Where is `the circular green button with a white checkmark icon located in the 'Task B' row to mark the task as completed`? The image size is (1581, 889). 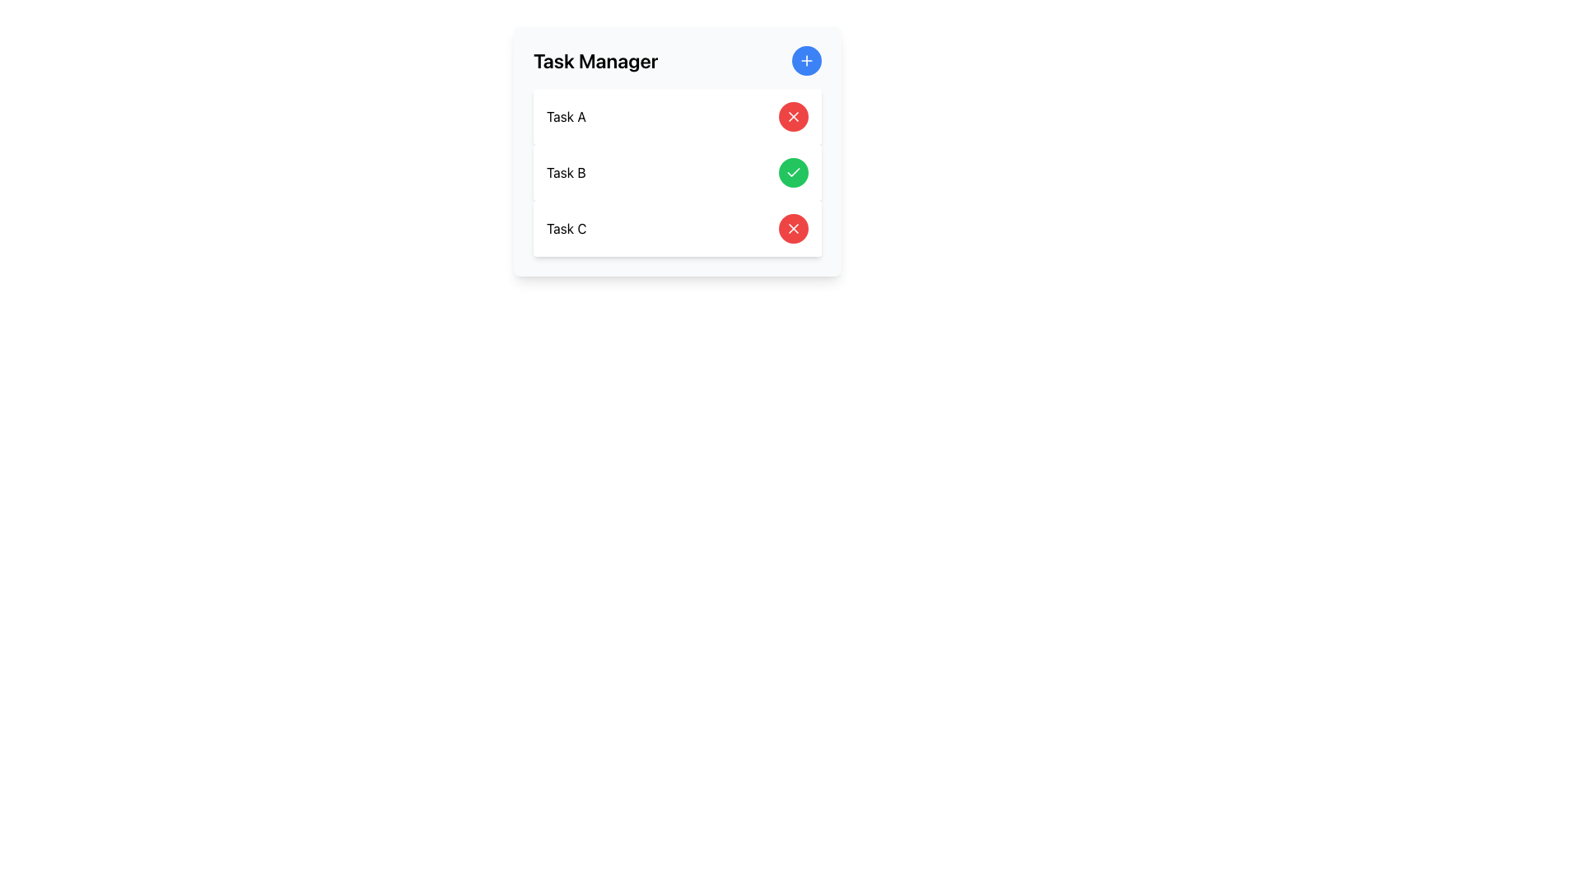
the circular green button with a white checkmark icon located in the 'Task B' row to mark the task as completed is located at coordinates (794, 172).